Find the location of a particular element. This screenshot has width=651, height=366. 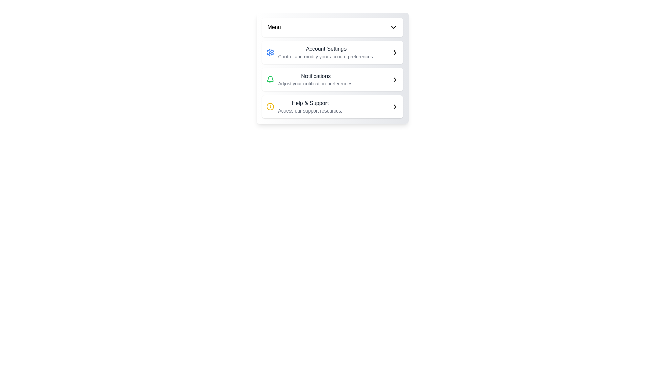

the 'Notifications' menu item, which features a green bell icon and bold title text is located at coordinates (309, 79).